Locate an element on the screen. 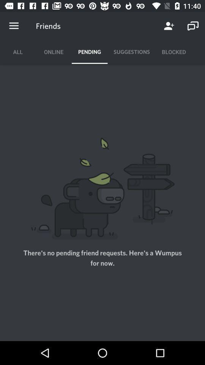 This screenshot has height=365, width=205. the item above the all icon is located at coordinates (14, 26).